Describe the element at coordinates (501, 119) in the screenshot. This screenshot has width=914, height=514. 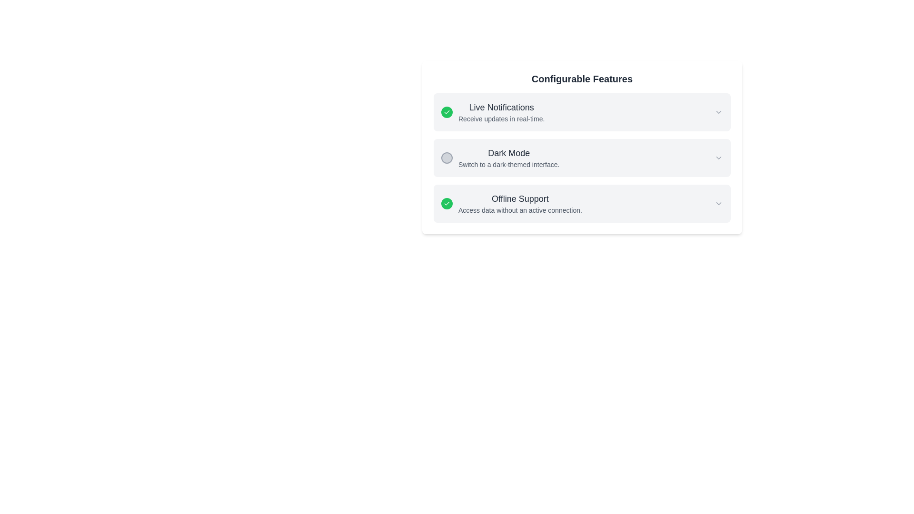
I see `the descriptive text that explains the 'Live Notifications' feature` at that location.